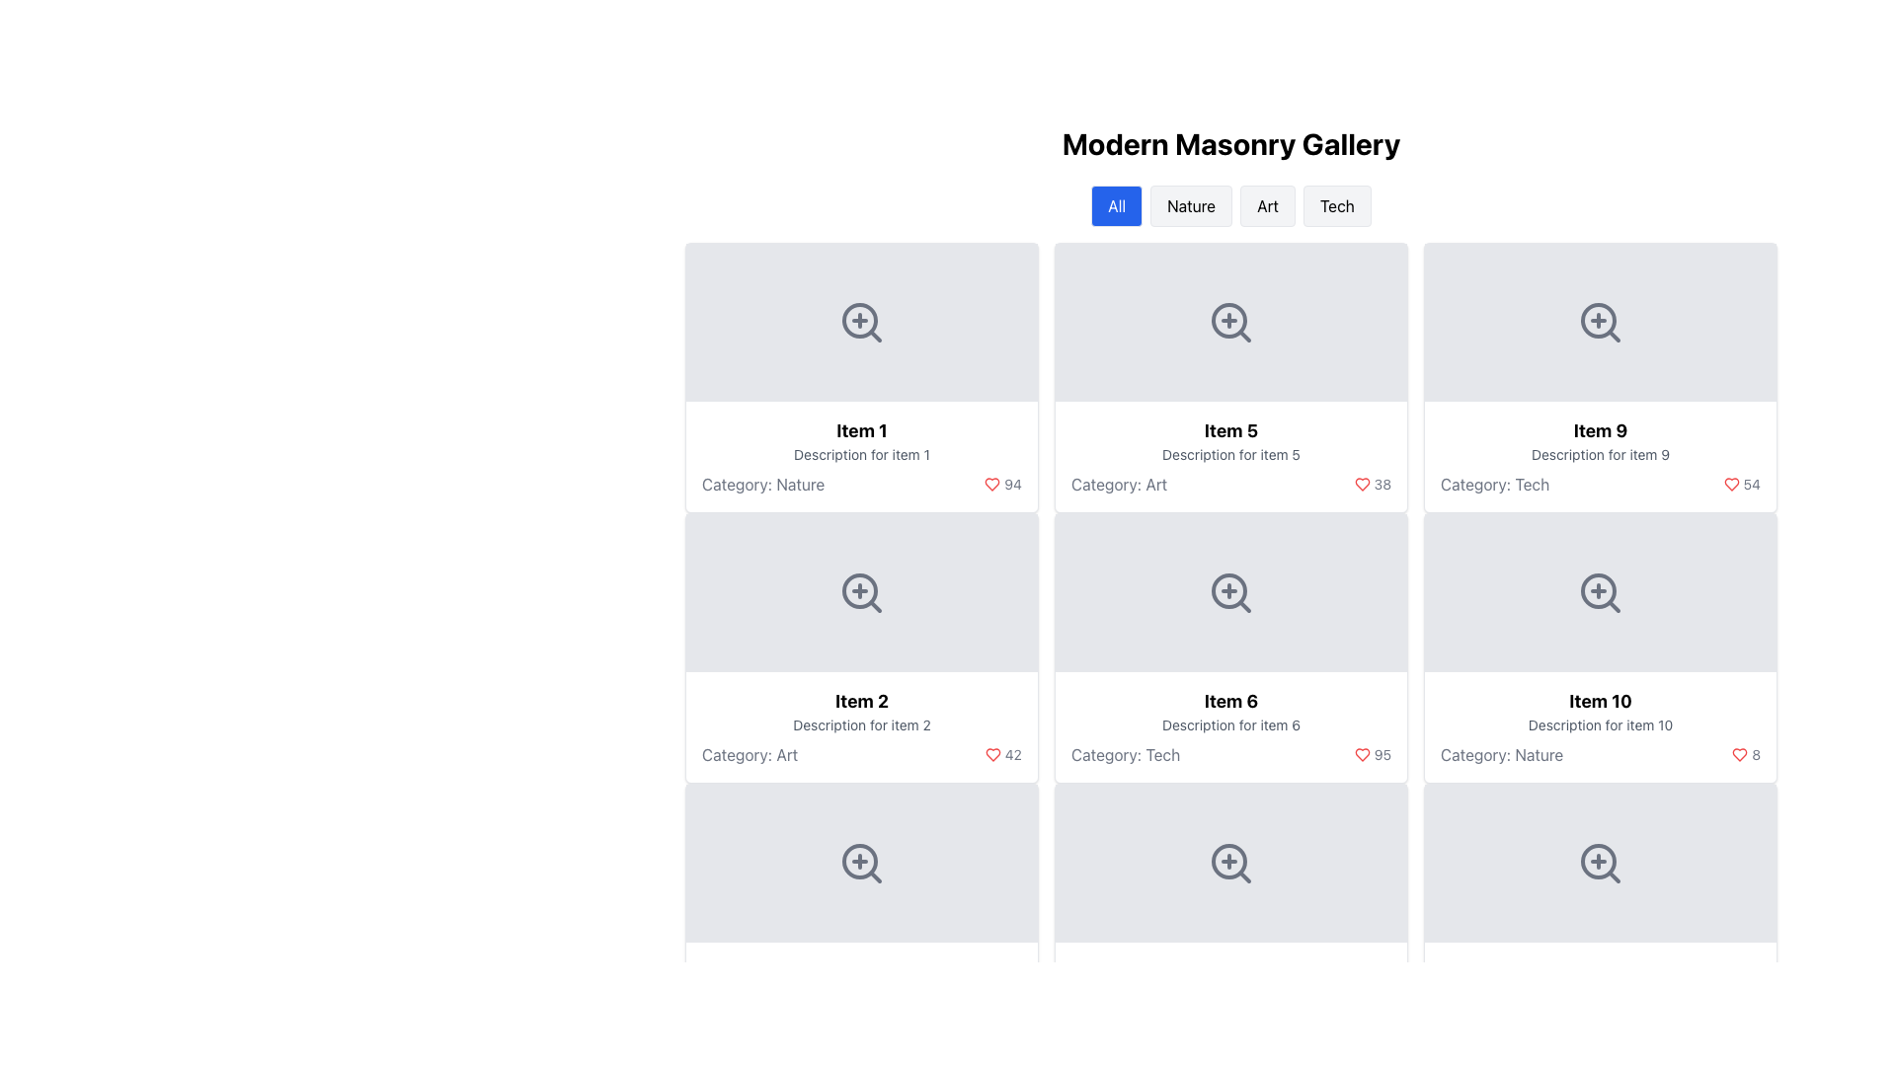 Image resolution: width=1896 pixels, height=1066 pixels. I want to click on the informational card section located in the second row of the grid beneath the first item in the first column to identify the associated item, so click(862, 726).